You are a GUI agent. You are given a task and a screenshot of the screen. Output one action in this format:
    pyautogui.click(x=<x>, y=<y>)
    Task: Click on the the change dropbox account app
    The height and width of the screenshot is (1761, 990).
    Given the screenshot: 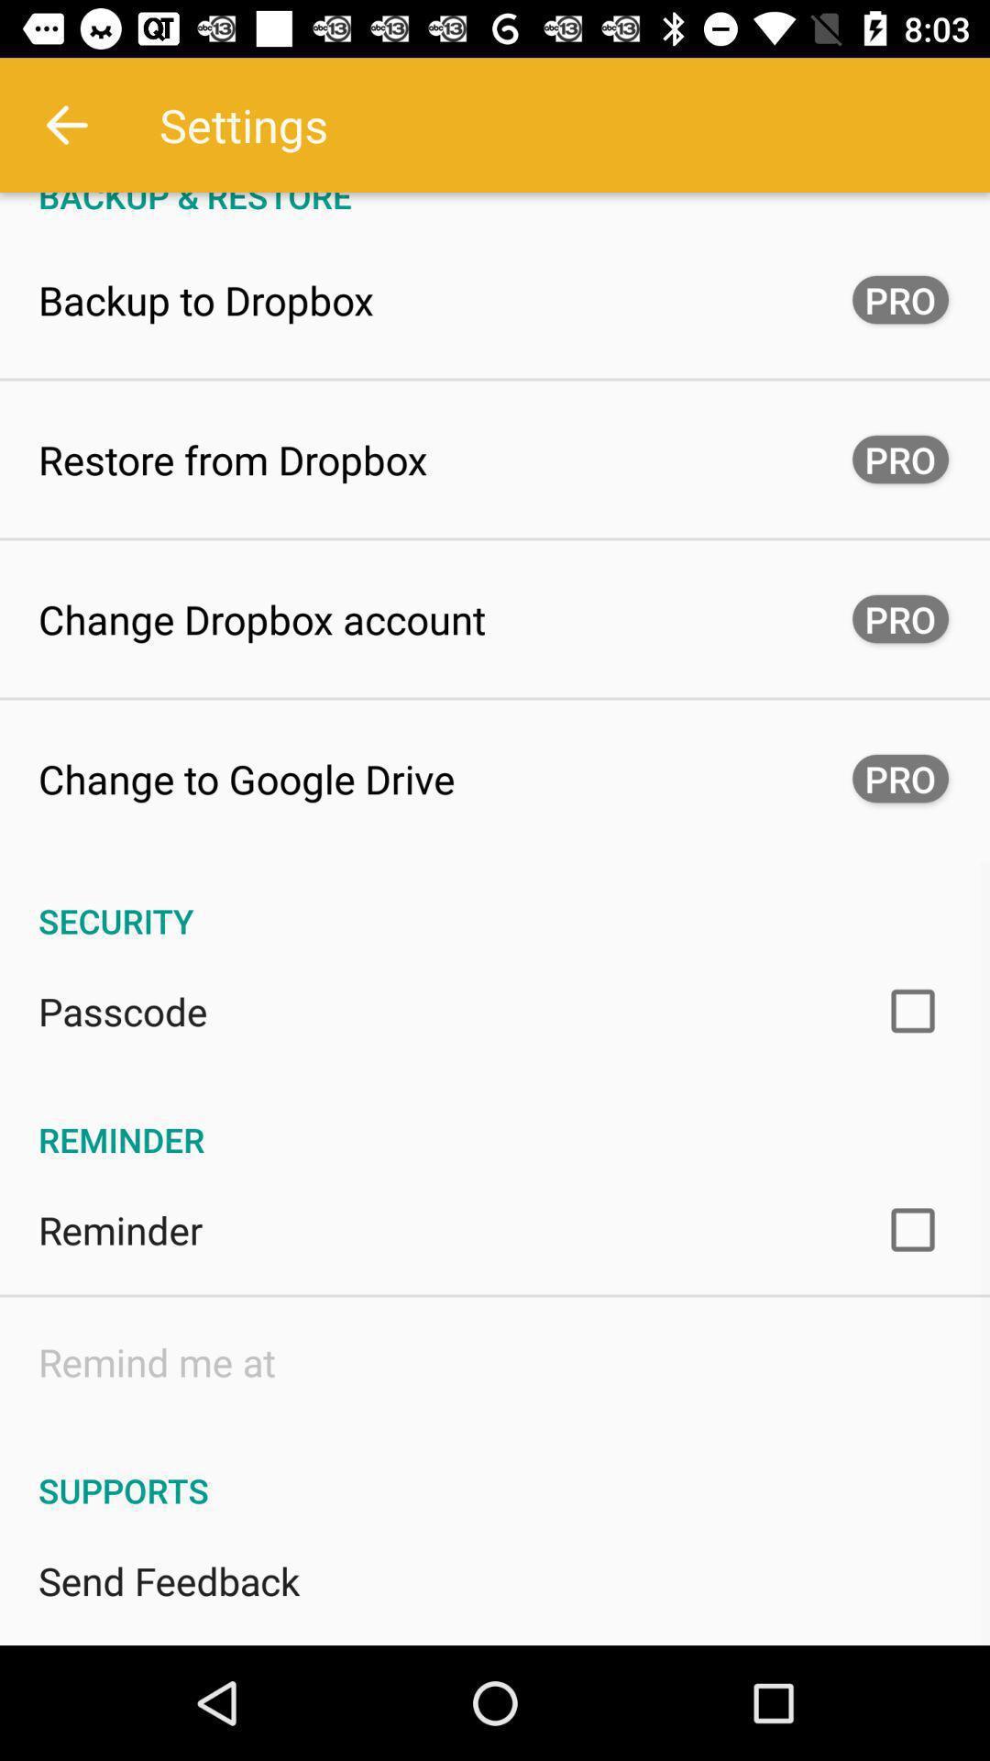 What is the action you would take?
    pyautogui.click(x=262, y=619)
    